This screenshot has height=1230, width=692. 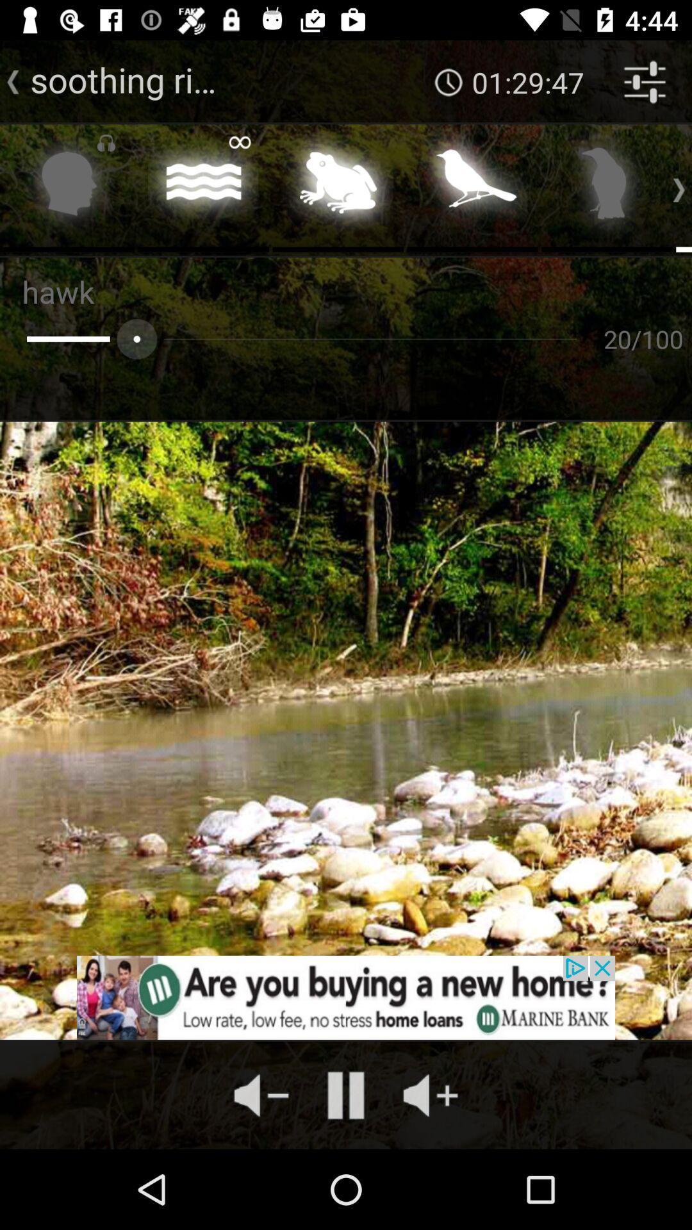 What do you see at coordinates (337, 186) in the screenshot?
I see `switch frog sound` at bounding box center [337, 186].